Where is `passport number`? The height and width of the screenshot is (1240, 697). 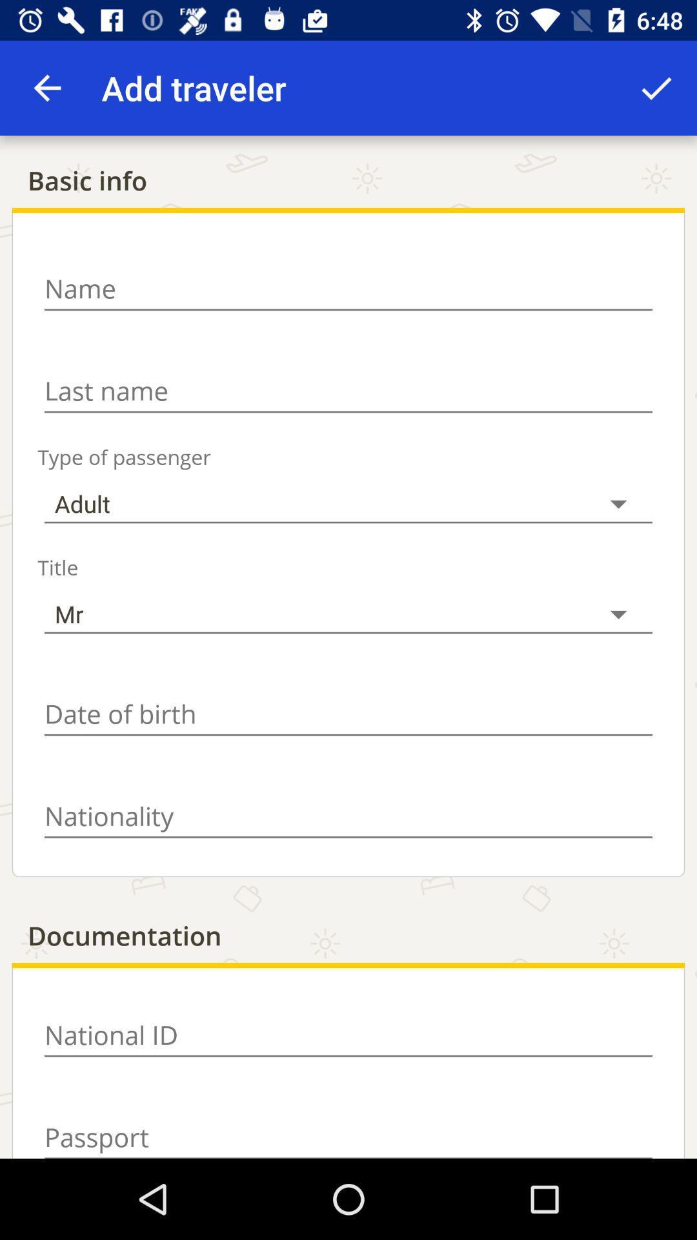
passport number is located at coordinates (348, 1130).